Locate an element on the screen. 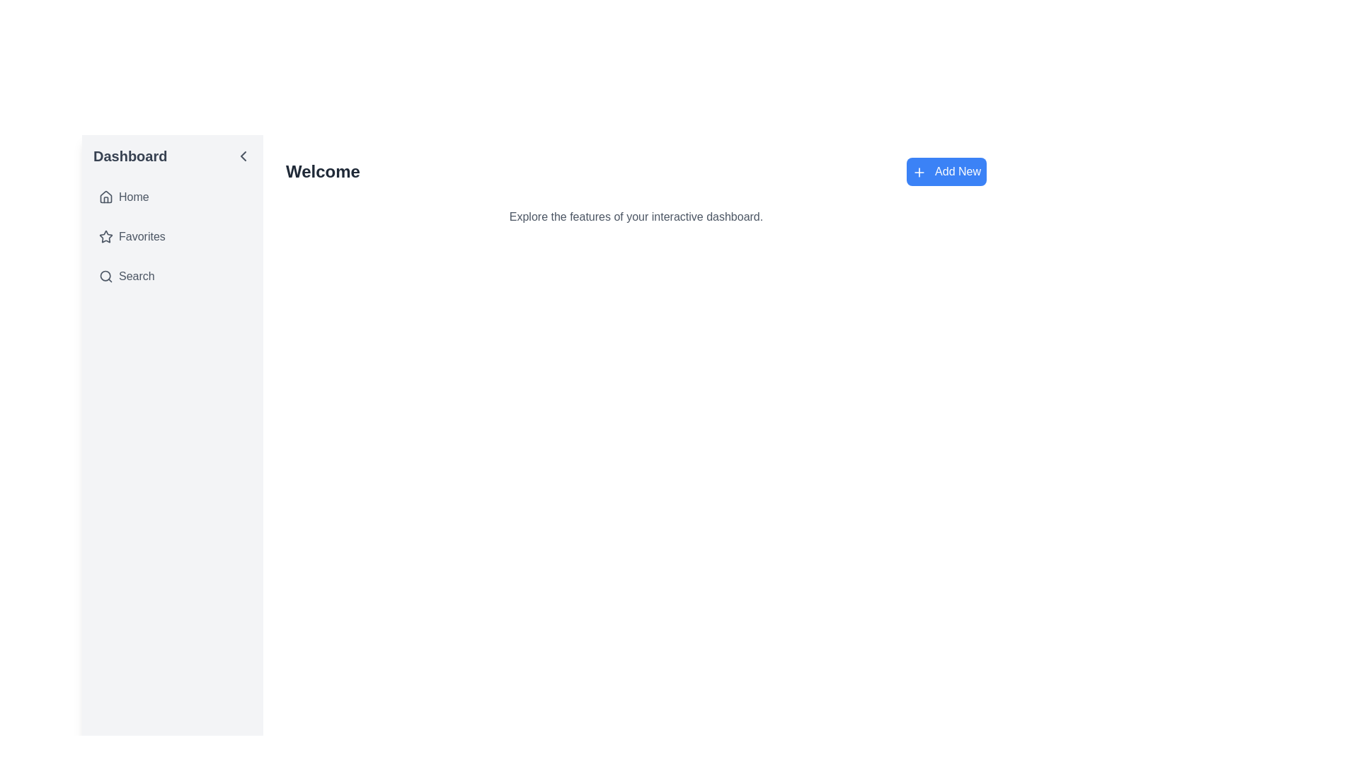 The image size is (1359, 764). the 'Dashboard' text label located at the top of the left-aligned vertical navigation bar, which is styled in bold gray font and serves as a title or header is located at coordinates (130, 156).